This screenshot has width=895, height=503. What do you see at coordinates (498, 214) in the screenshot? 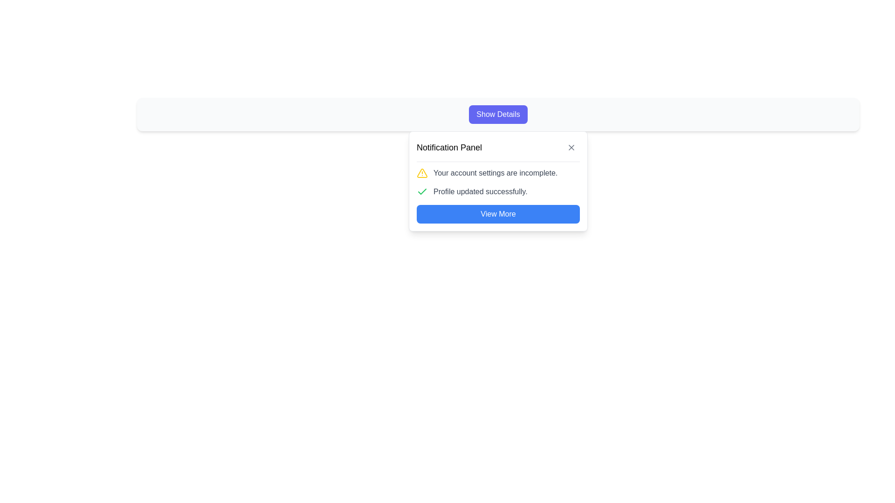
I see `the button at the bottom of the Notification Panel` at bounding box center [498, 214].